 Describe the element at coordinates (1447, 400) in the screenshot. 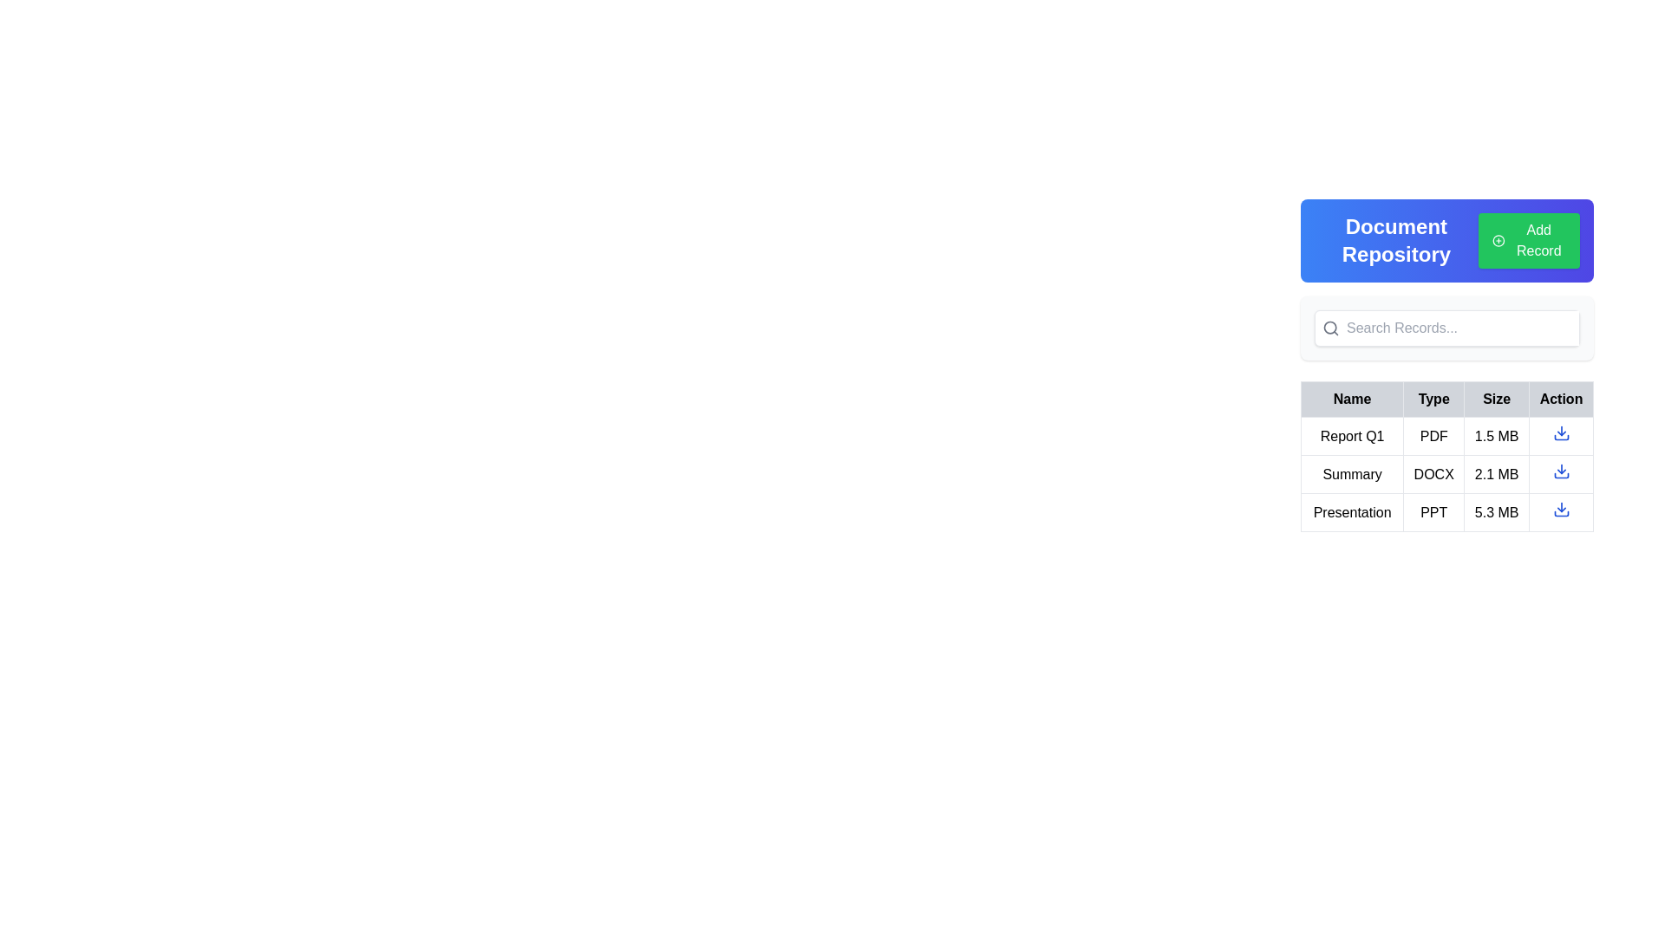

I see `the 'Type' column header in the table, which is the second column header with a light gray background and black text, positioned between 'Name' and 'Size'` at that location.